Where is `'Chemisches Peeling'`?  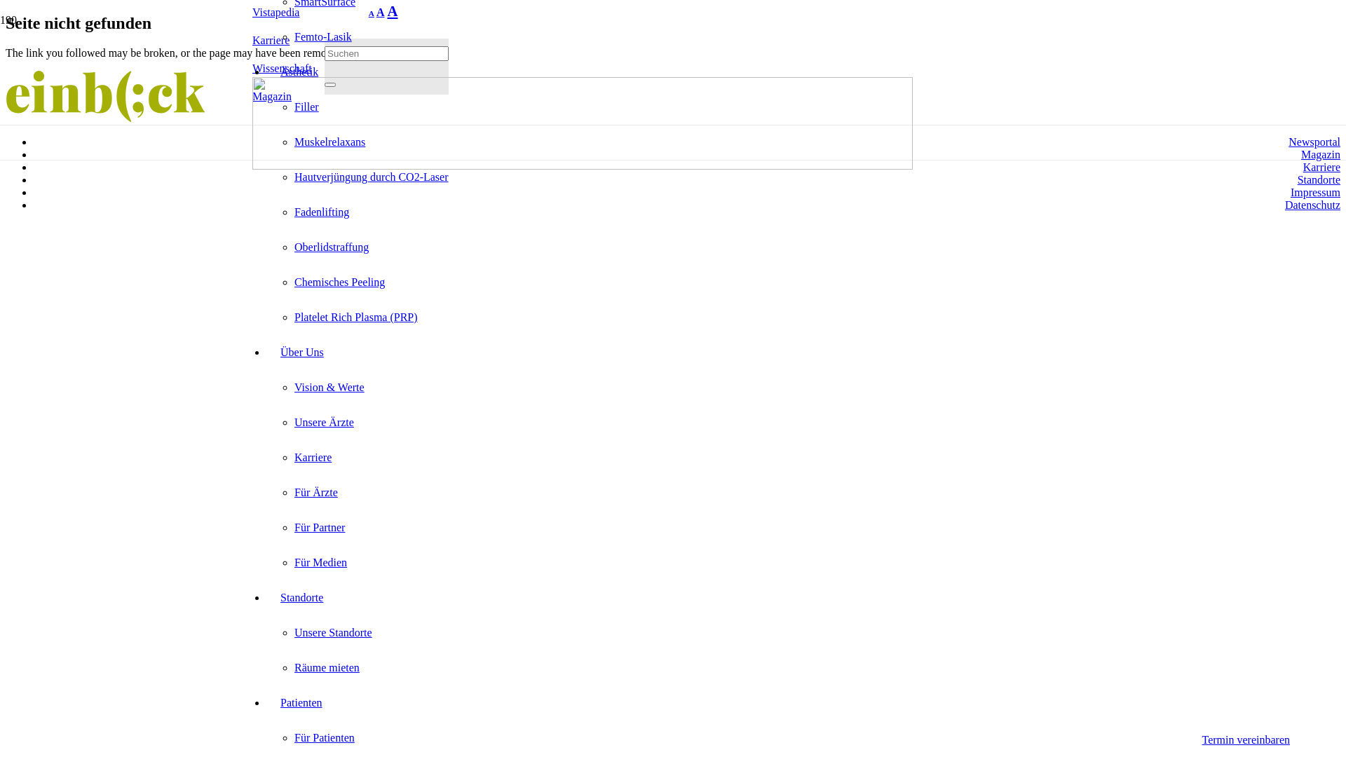 'Chemisches Peeling' is located at coordinates (294, 282).